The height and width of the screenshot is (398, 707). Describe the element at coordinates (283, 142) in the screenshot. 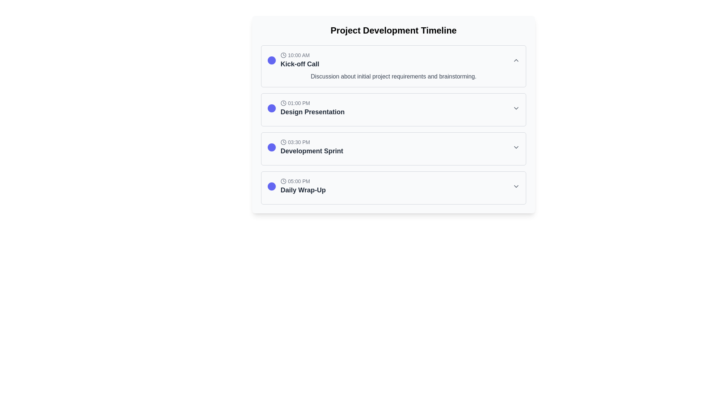

I see `the time icon representing '03:30 PM' in the 'Development Sprint' event entry, which is styled with a gray theme and located to the left of the time text` at that location.